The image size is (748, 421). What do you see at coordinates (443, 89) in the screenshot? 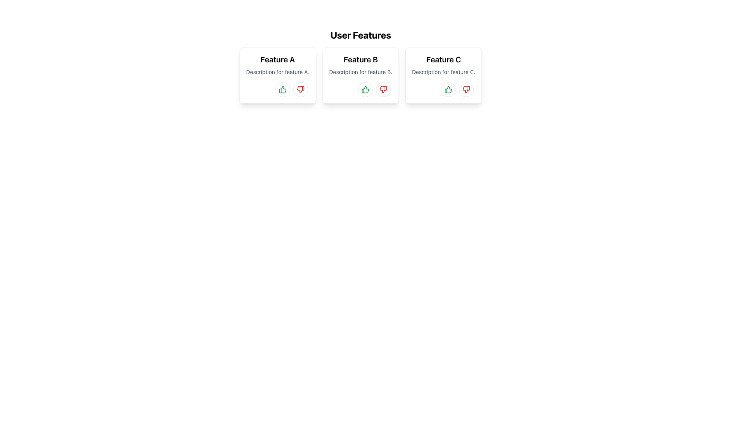
I see `the Icon Button to express a positive response or approval for 'Feature C', which is located in the footer area of the 'Feature C' panel, and is the leftmost option before a red thumbs-down button` at bounding box center [443, 89].